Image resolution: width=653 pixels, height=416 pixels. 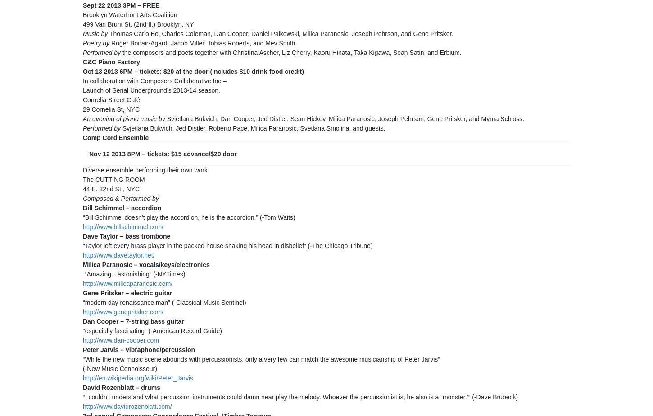 I want to click on '“modern day renaissance man” (-Classical Music Sentinel)', so click(x=82, y=303).